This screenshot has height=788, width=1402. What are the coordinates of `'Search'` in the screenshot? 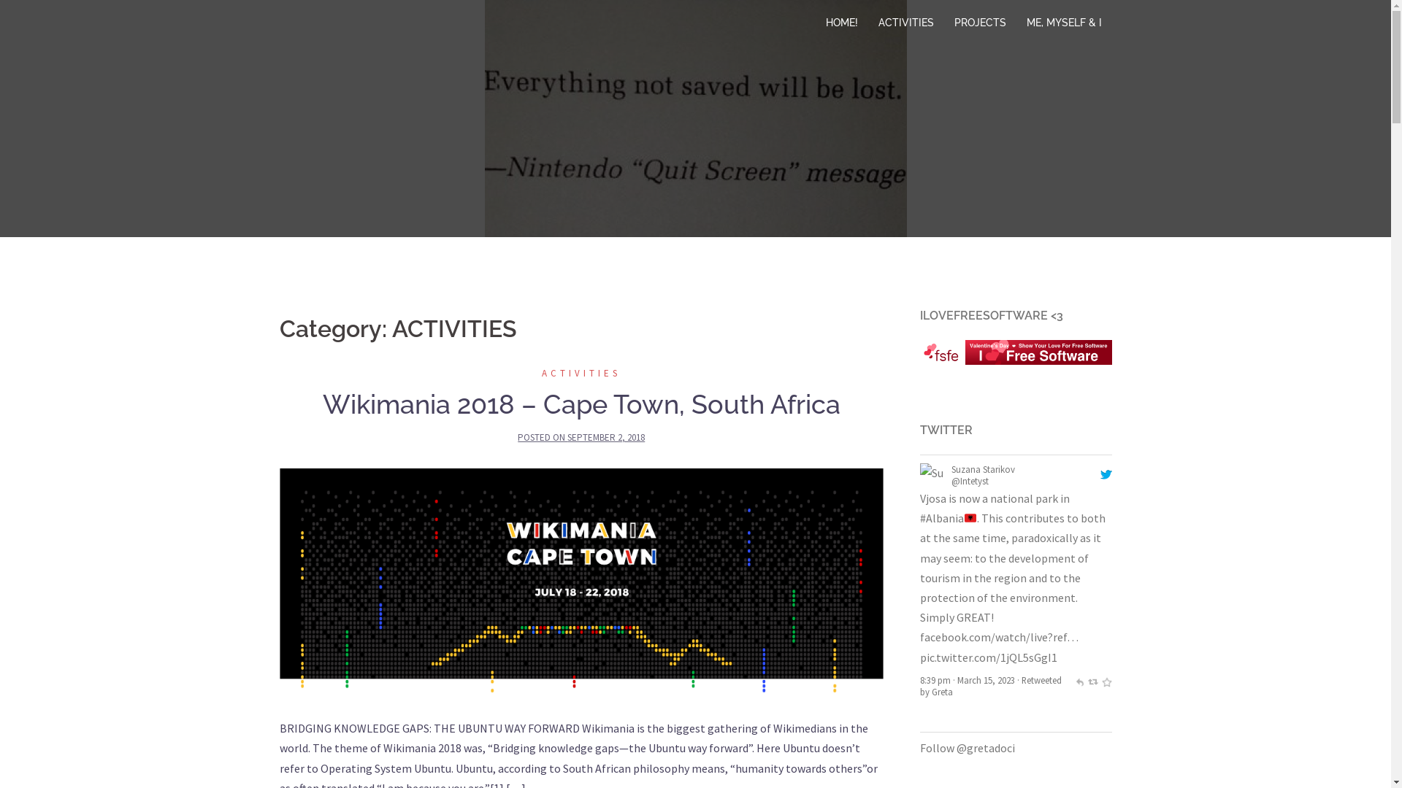 It's located at (45, 18).